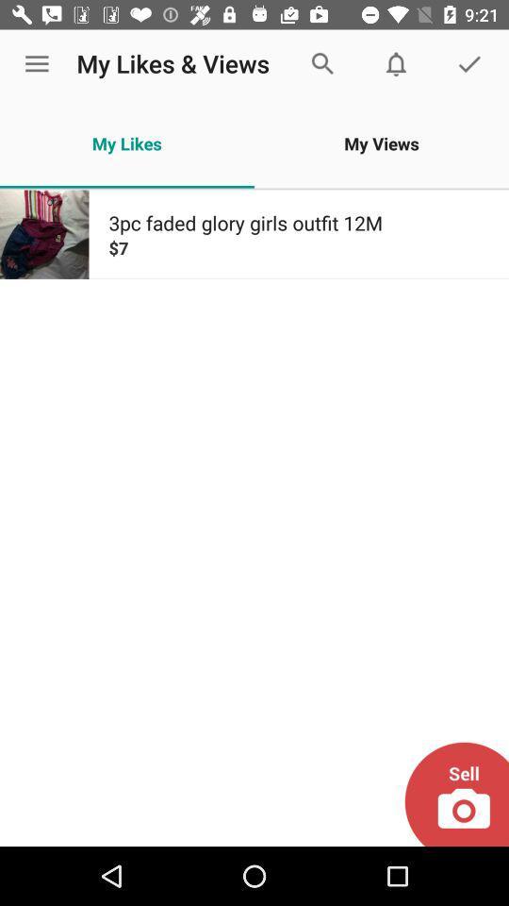  I want to click on icon below the $7, so click(455, 793).